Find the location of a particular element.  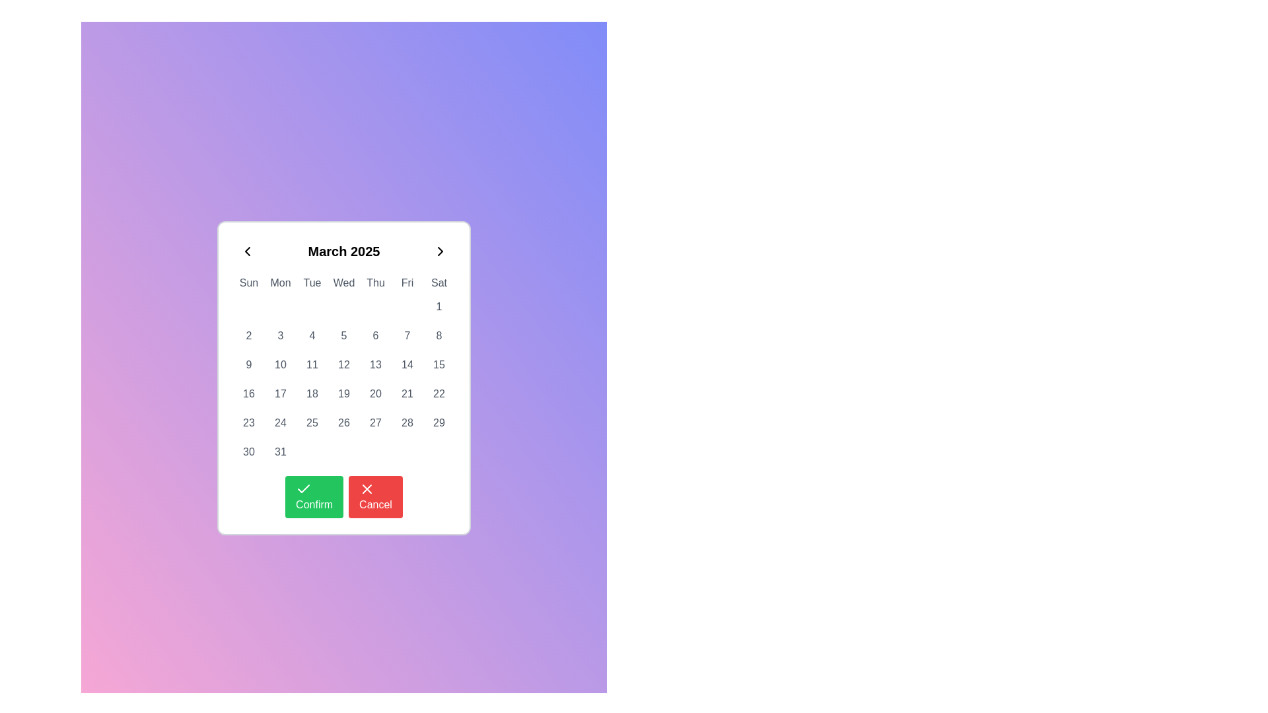

the button representing the fourth day of the month in the calendar interface is located at coordinates (312, 335).